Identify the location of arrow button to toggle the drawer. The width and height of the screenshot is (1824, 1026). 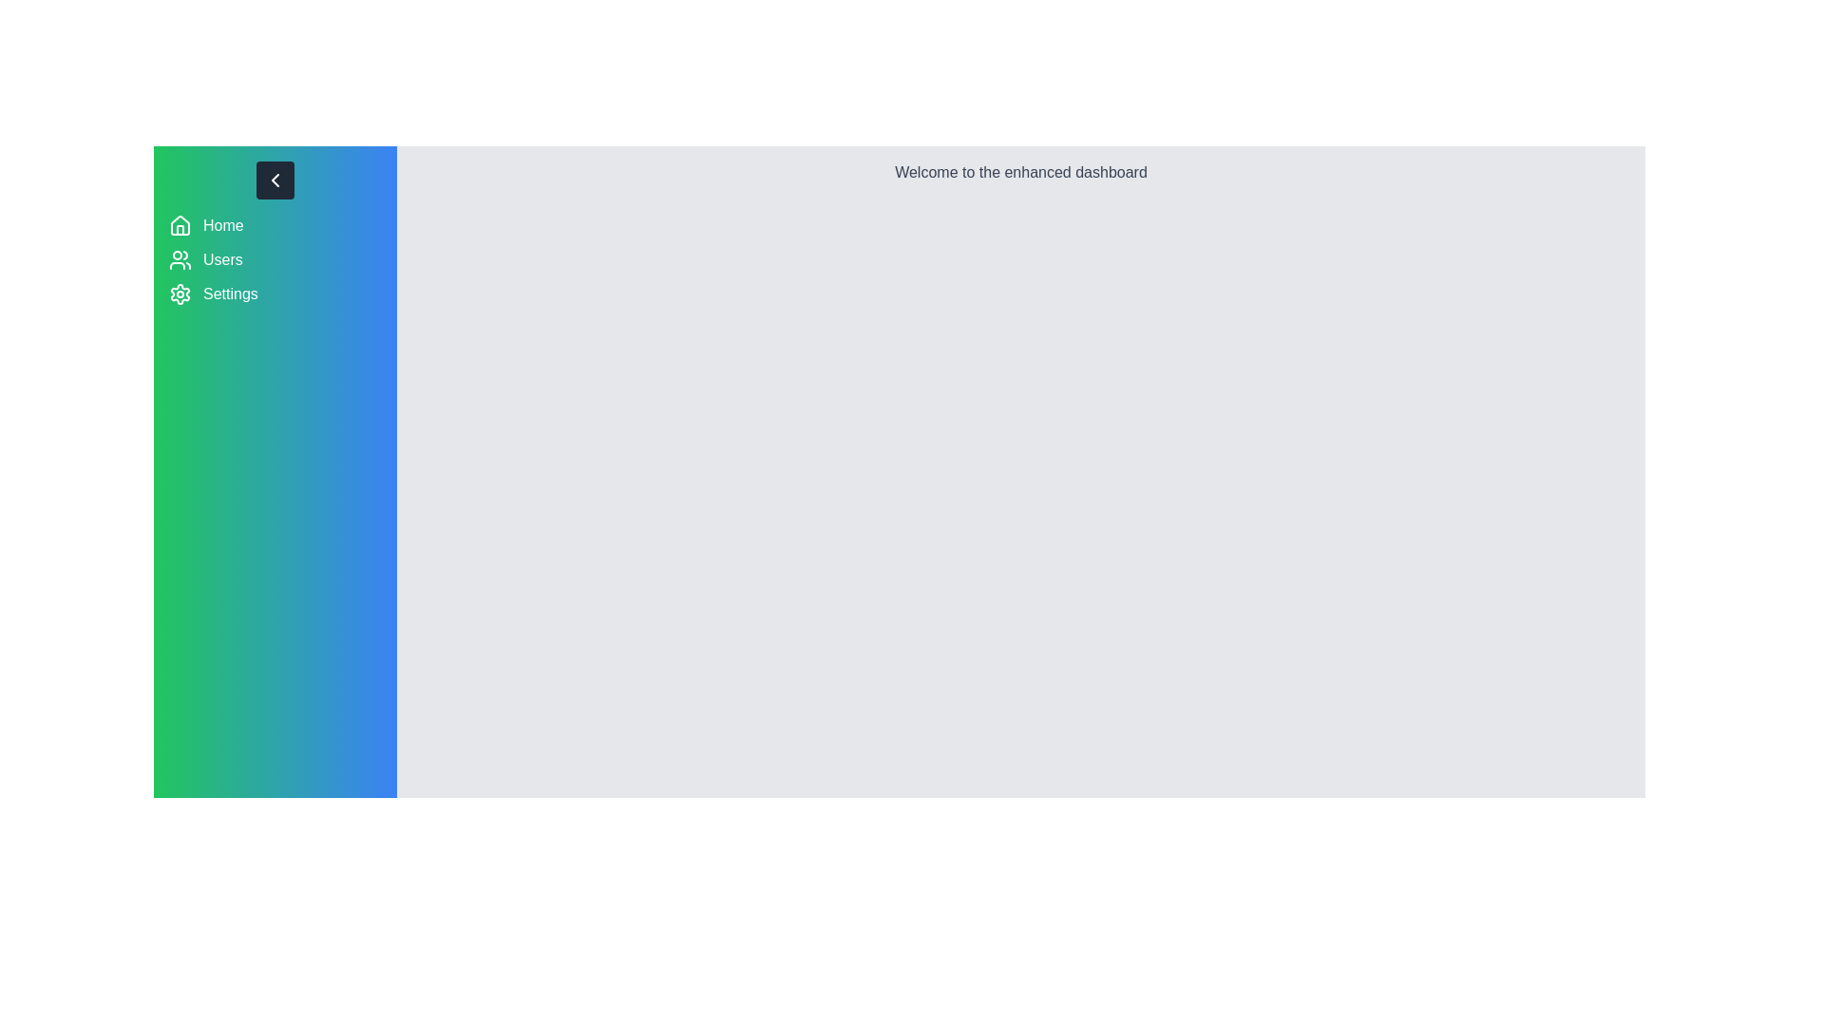
(274, 180).